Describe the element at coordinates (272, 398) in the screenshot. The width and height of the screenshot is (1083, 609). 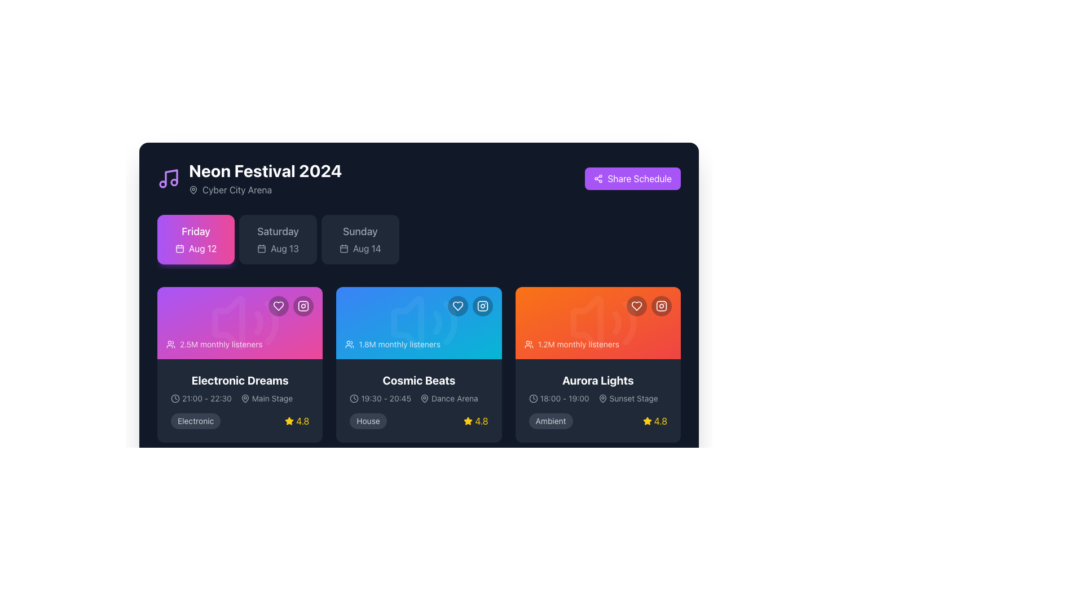
I see `'Main Stage' text label located beneath the 'Electronic Dreams' section in the layouts grid, which appears in white on a dark background` at that location.